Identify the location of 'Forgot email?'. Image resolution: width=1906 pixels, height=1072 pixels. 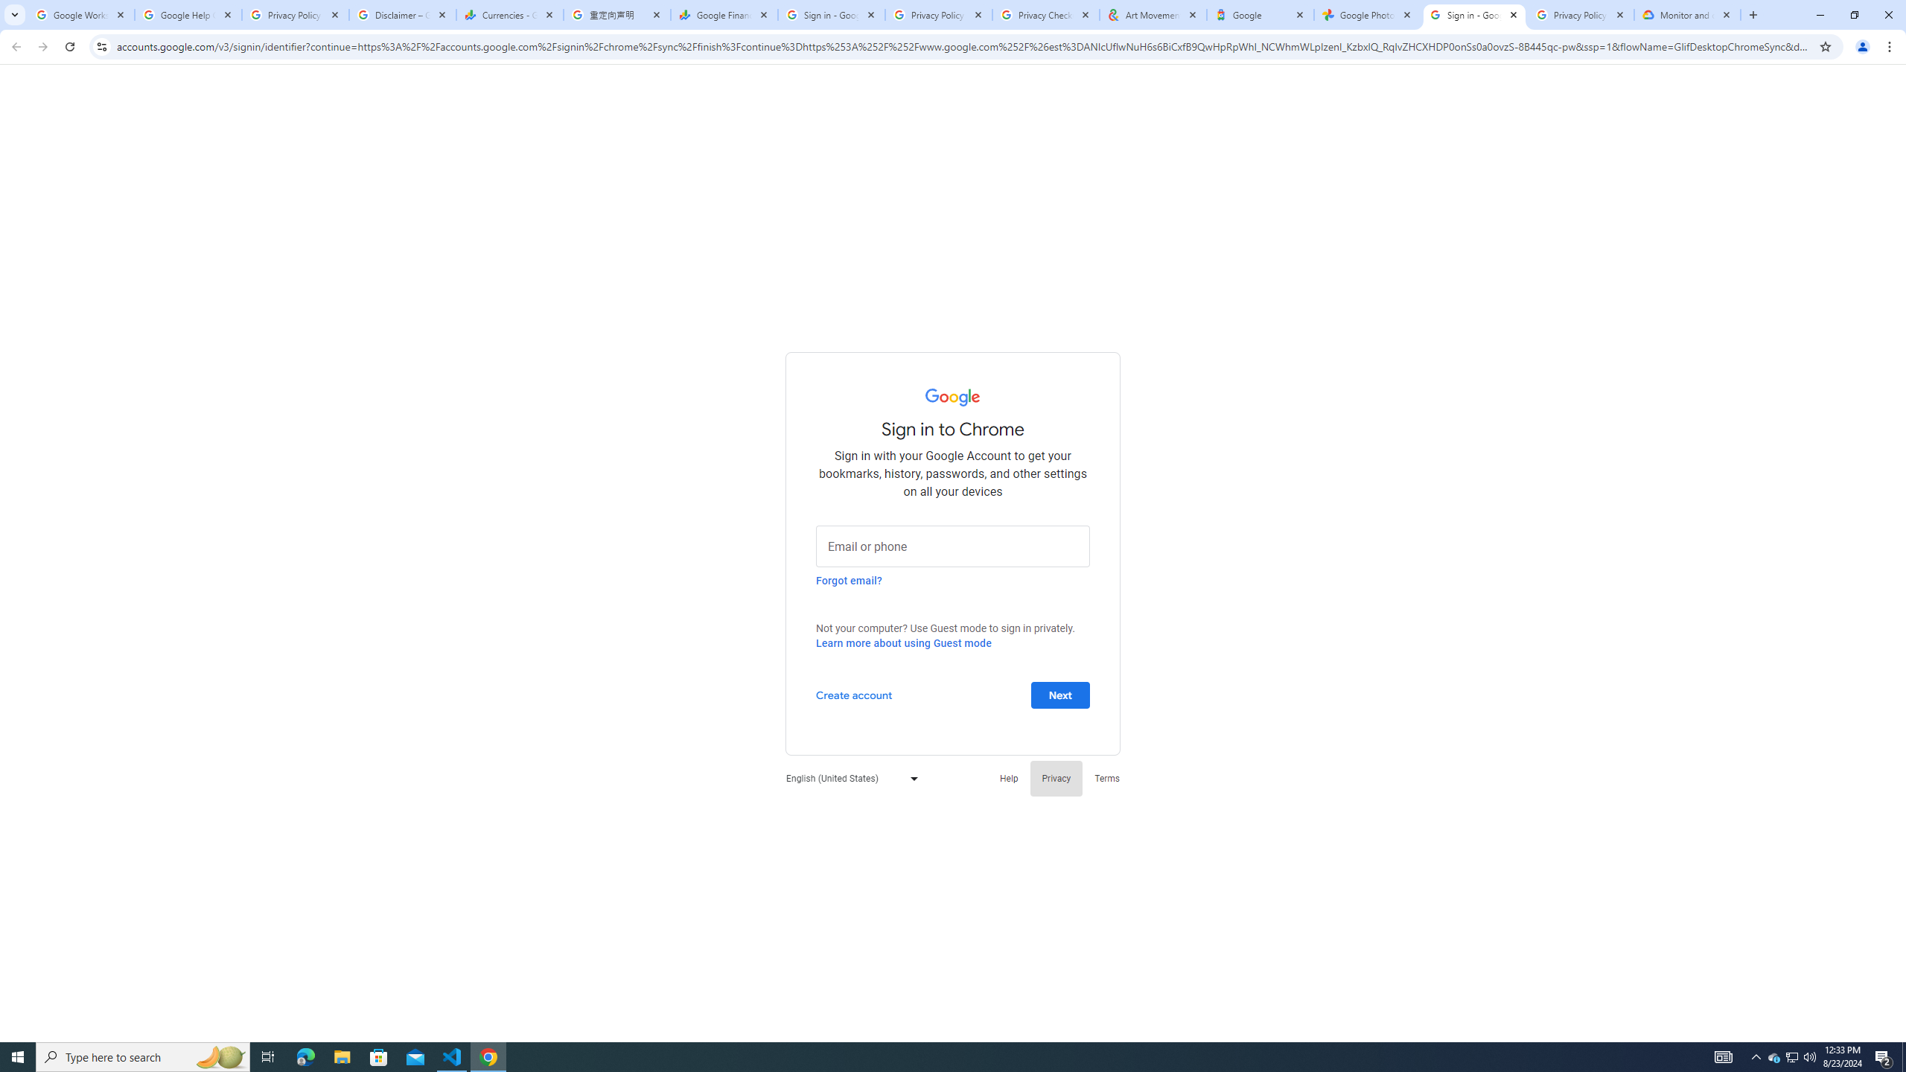
(849, 579).